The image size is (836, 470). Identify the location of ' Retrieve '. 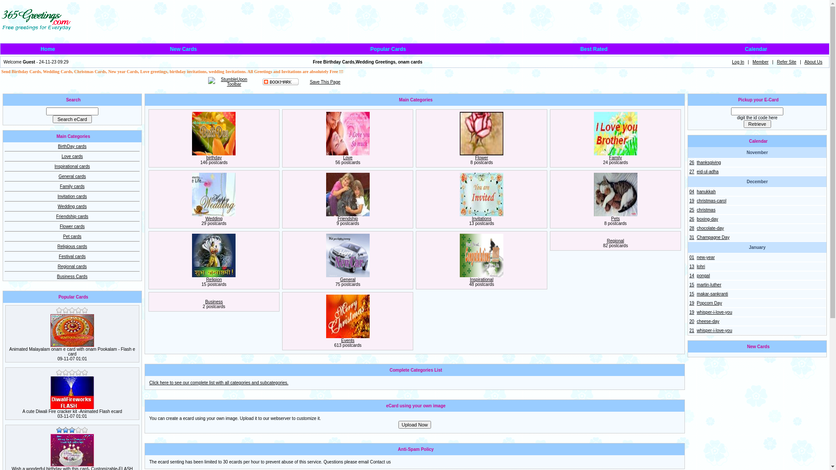
(757, 124).